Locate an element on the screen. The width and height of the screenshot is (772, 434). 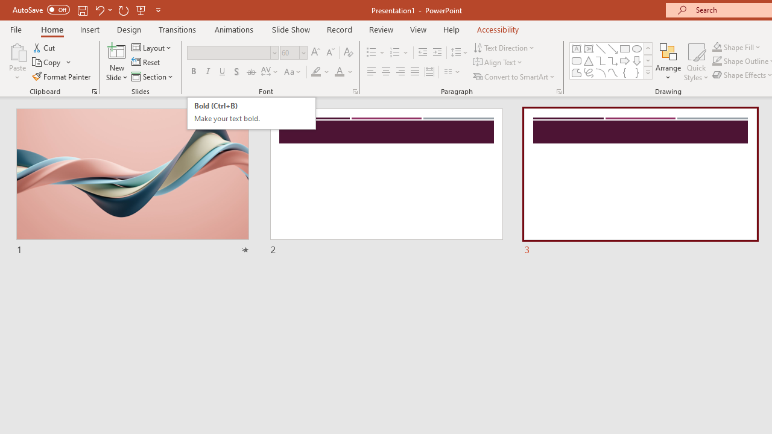
'Save' is located at coordinates (81, 10).